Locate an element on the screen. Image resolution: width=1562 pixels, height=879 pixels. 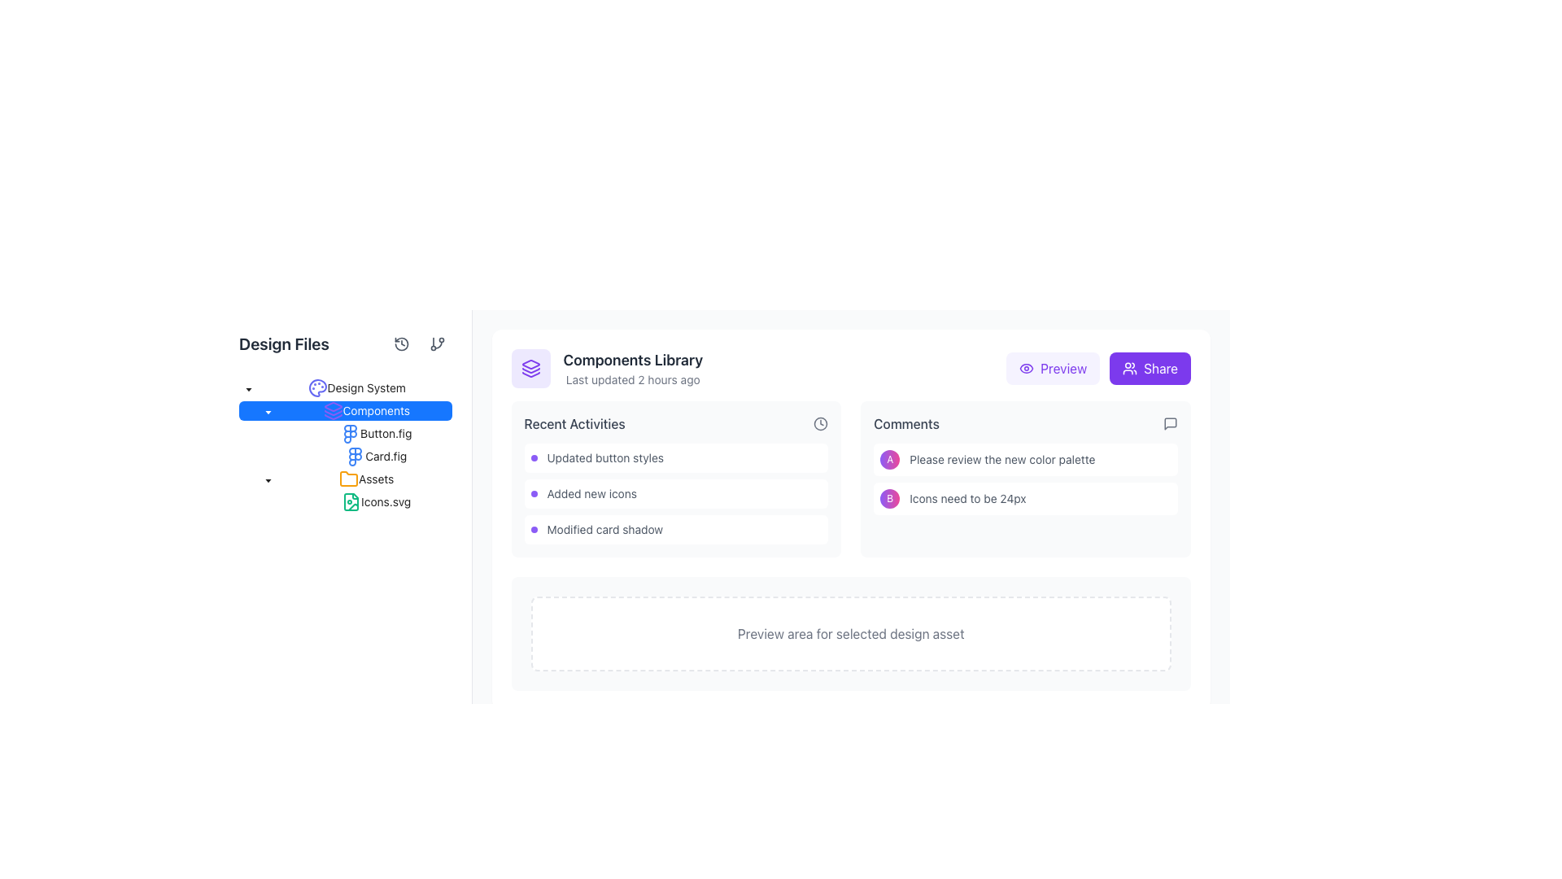
text content of the Informational Panel that contains a violet icon and the text 'Components Library' and 'Last updated 2 hours ago' is located at coordinates (606, 368).